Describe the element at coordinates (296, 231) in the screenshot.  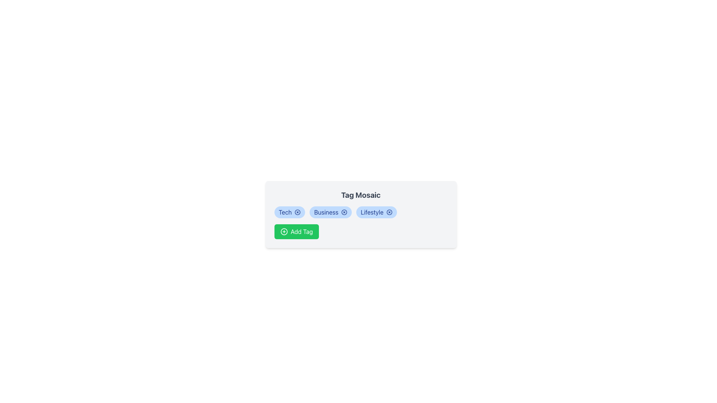
I see `the 'Add New Tag' button located below the tags 'Tech', 'Business', and 'Lifestyle' in the card to initiate adding a new tag` at that location.